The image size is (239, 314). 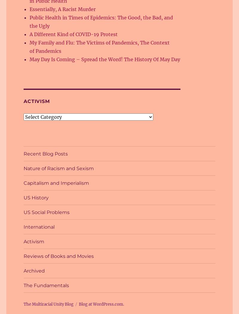 I want to click on 'The Fundamentals', so click(x=24, y=285).